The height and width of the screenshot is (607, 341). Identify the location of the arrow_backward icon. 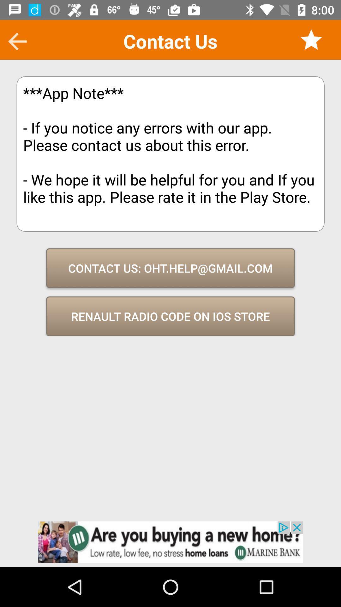
(17, 41).